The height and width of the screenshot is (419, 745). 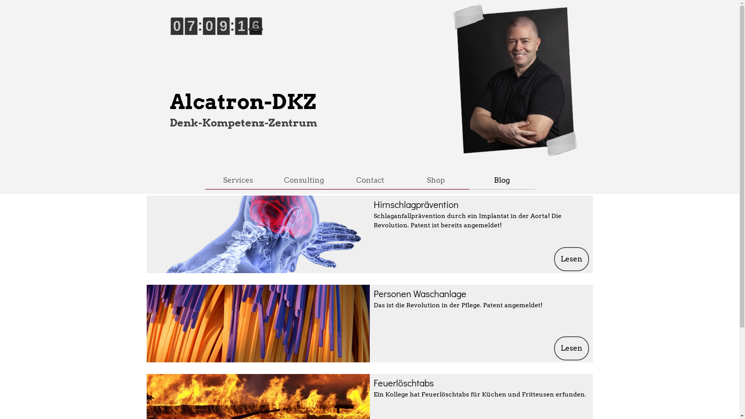 What do you see at coordinates (419, 293) in the screenshot?
I see `'Personen Waschanlage'` at bounding box center [419, 293].